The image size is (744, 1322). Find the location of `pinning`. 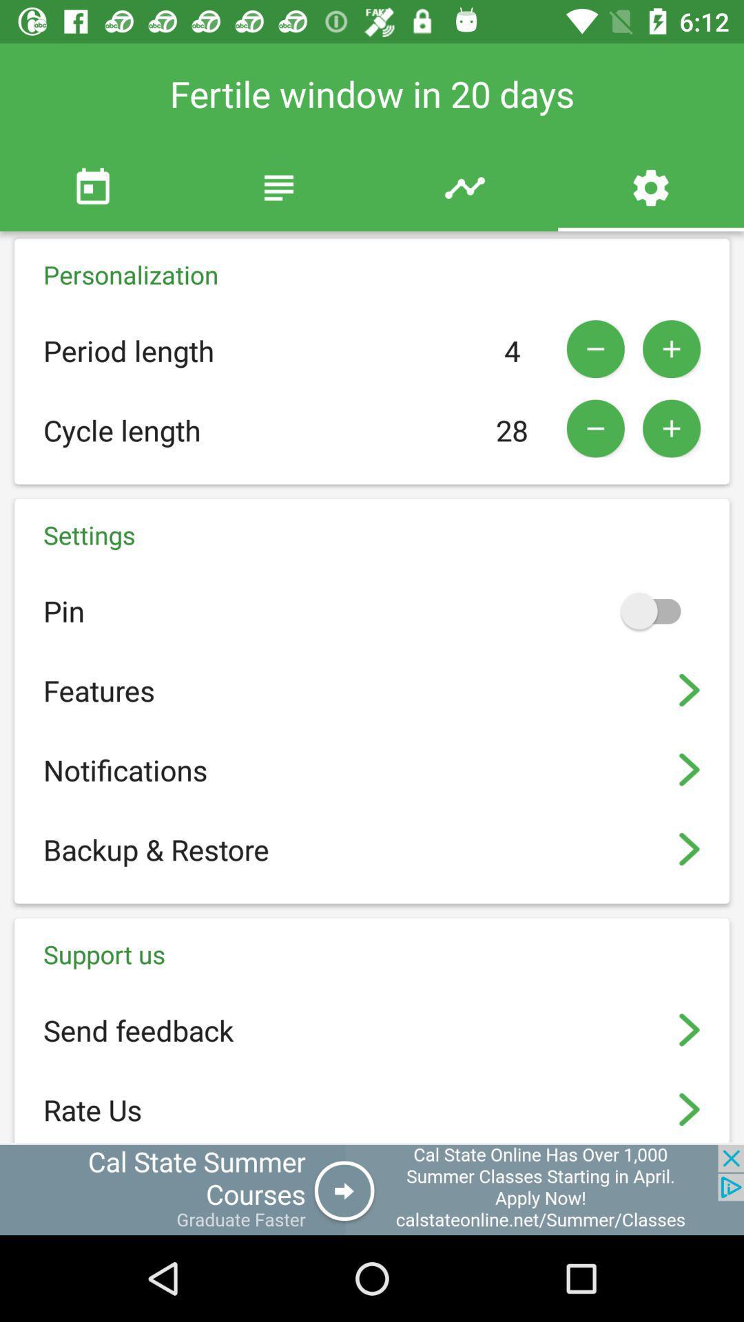

pinning is located at coordinates (657, 610).